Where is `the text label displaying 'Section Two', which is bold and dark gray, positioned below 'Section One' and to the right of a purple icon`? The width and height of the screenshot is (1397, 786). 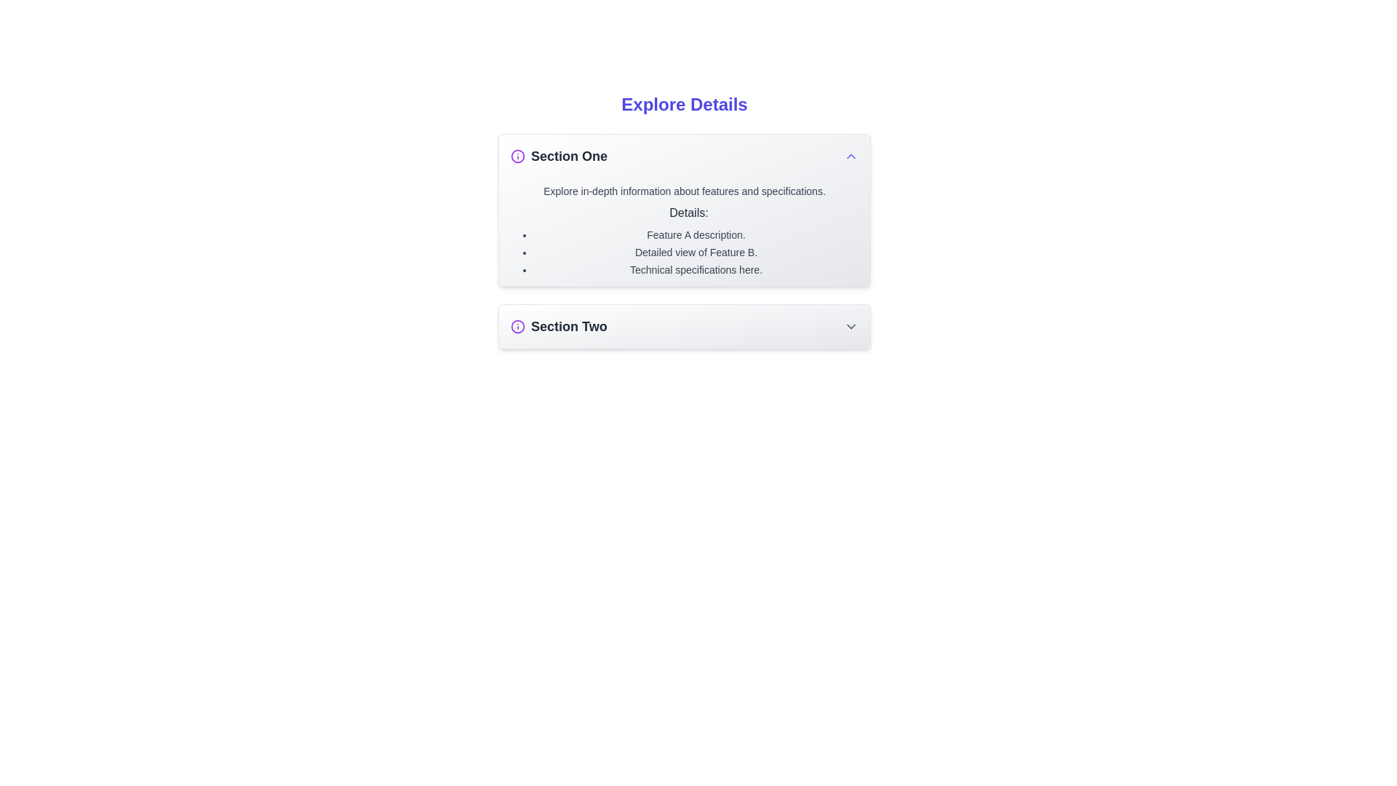 the text label displaying 'Section Two', which is bold and dark gray, positioned below 'Section One' and to the right of a purple icon is located at coordinates (568, 325).